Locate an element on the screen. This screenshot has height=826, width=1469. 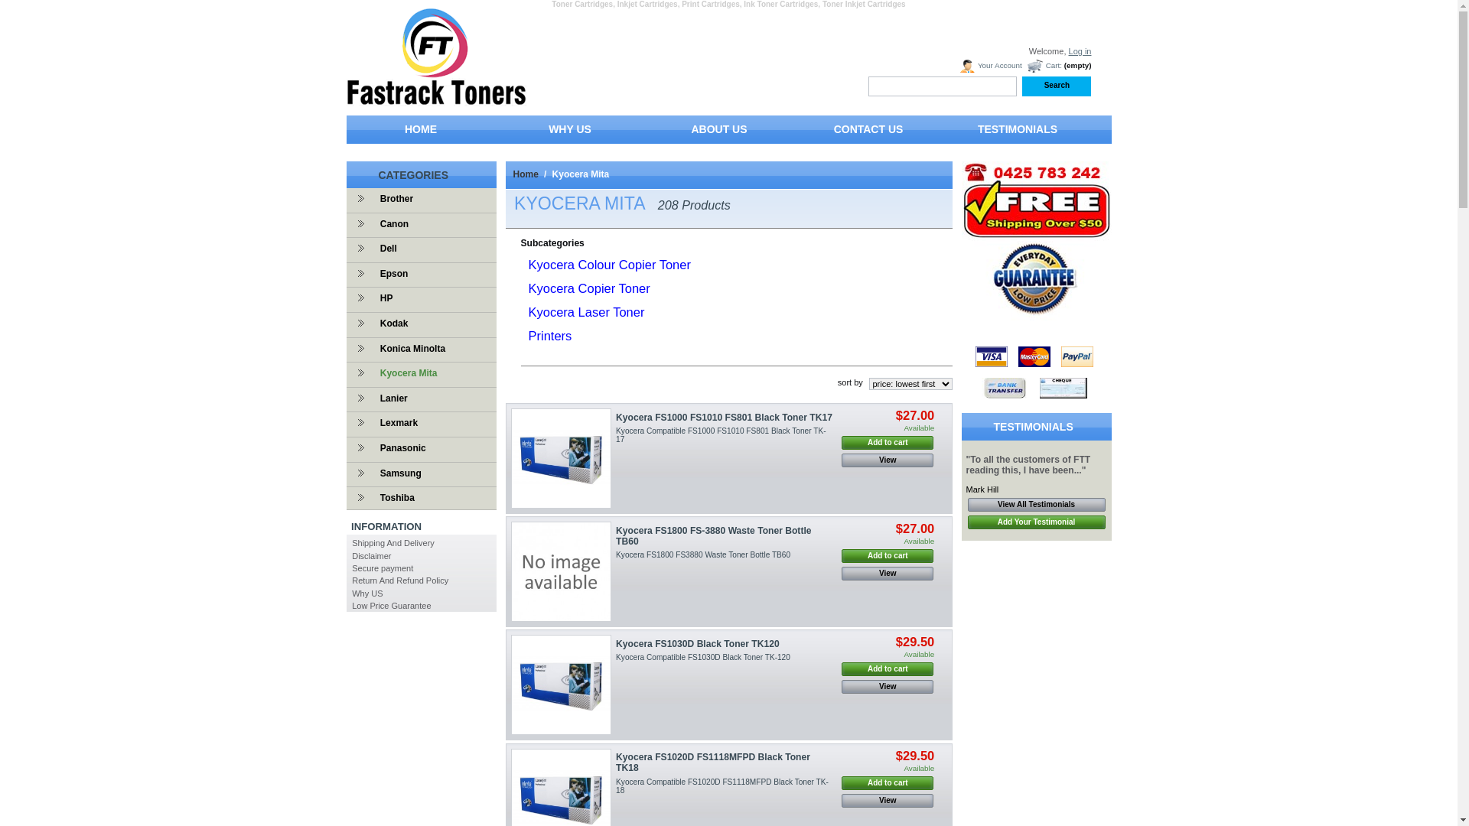
'HP' is located at coordinates (383, 298).